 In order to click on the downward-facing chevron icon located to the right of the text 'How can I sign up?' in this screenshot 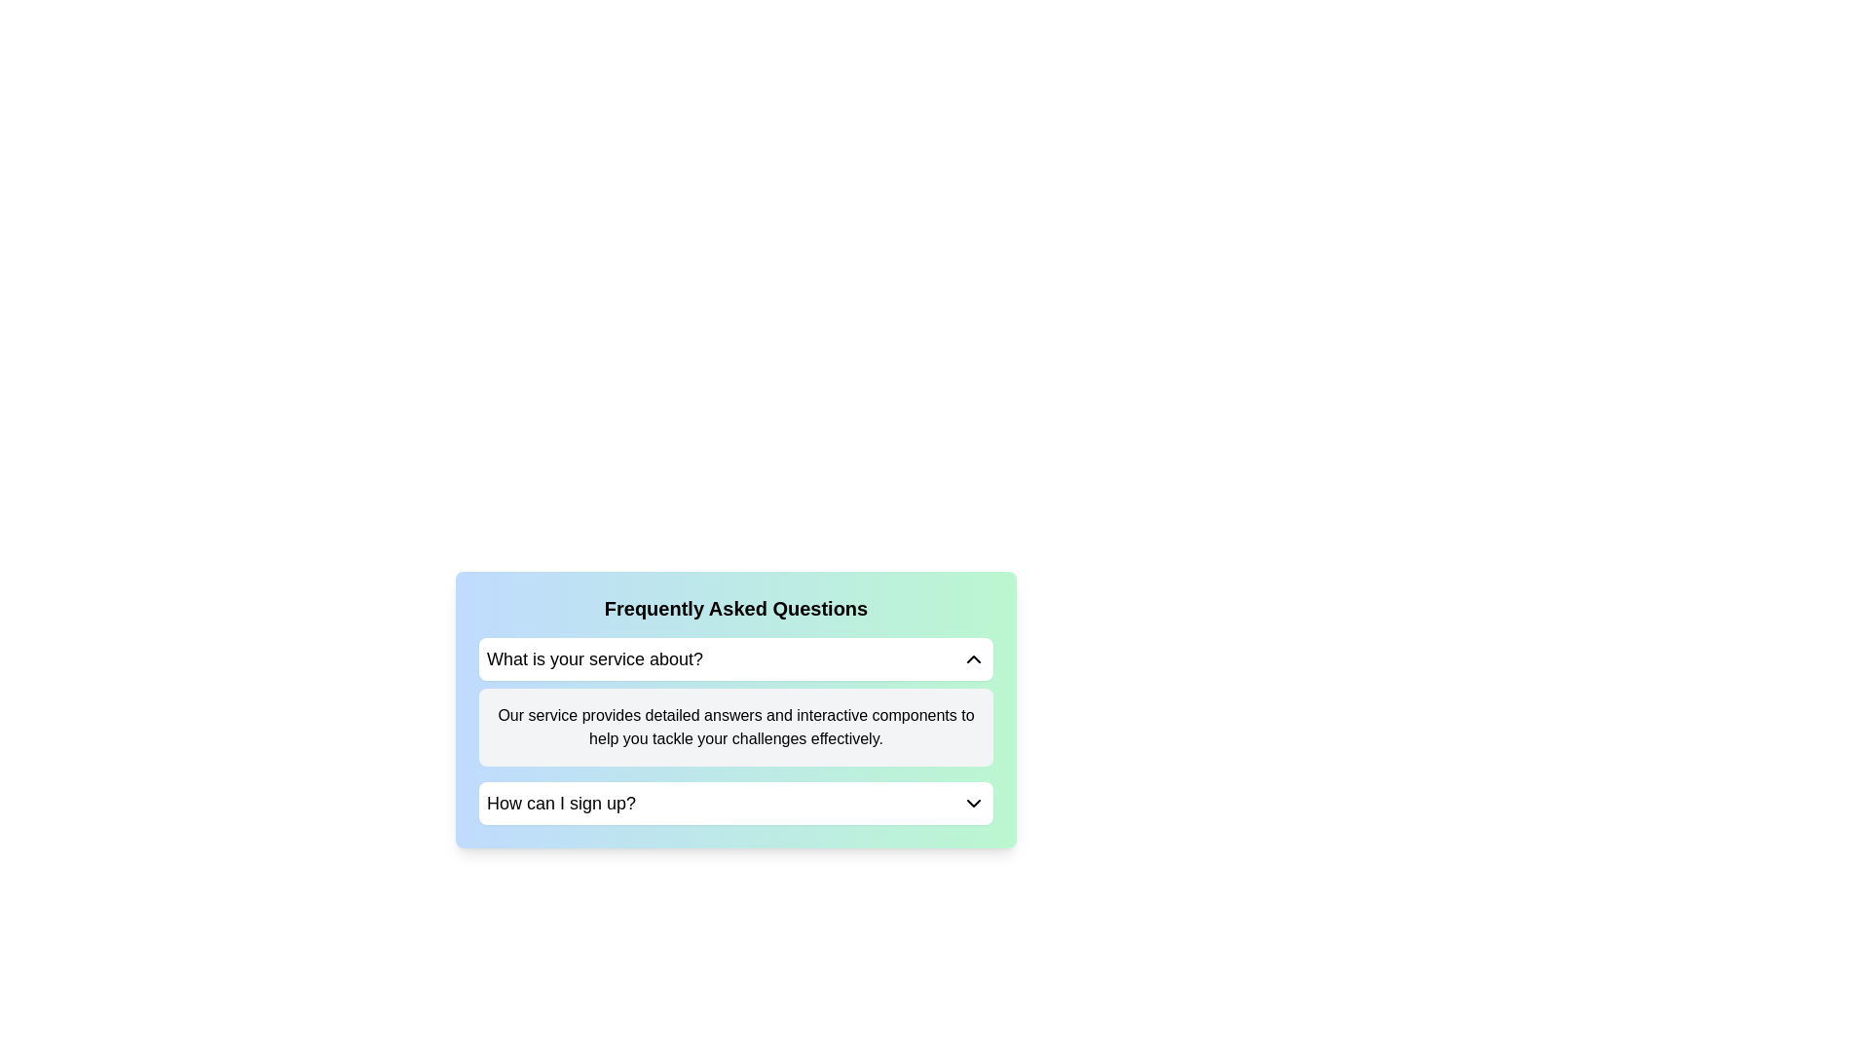, I will do `click(973, 804)`.